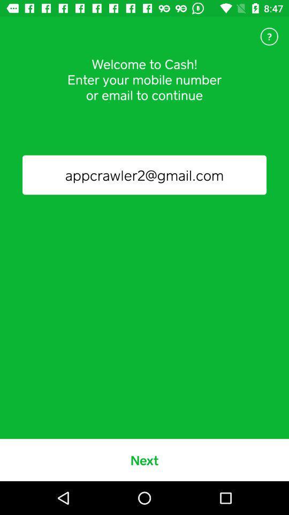 The image size is (289, 515). Describe the element at coordinates (144, 175) in the screenshot. I see `the item above next icon` at that location.